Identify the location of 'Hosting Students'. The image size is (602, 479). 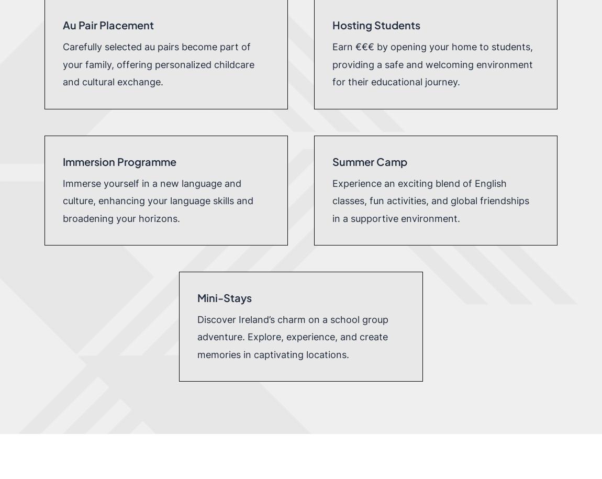
(375, 25).